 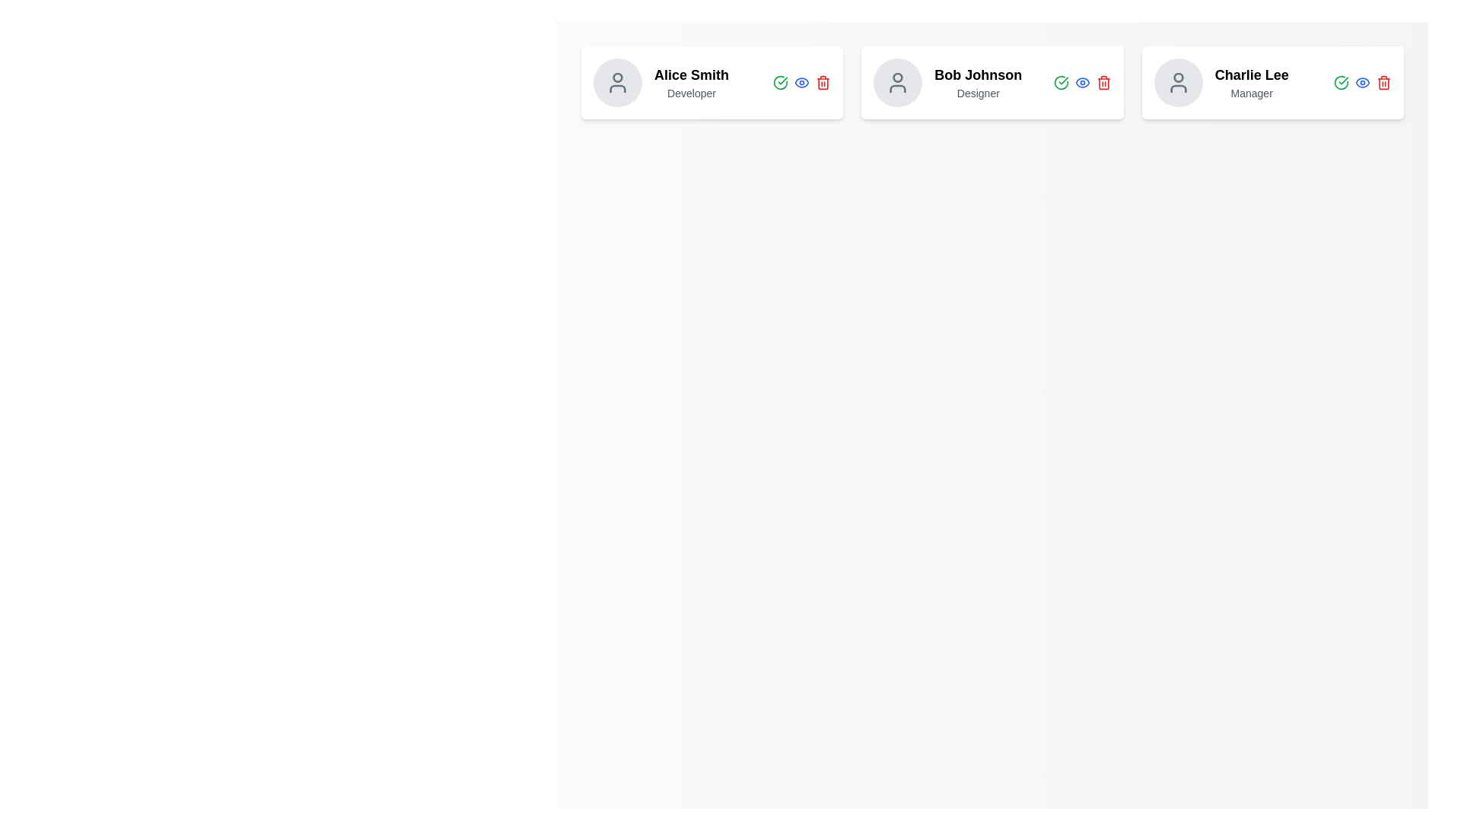 What do you see at coordinates (978, 75) in the screenshot?
I see `the prominent static text element displaying 'Bob Johnson', which is styled in bold and larger font, positioned above the descriptive text 'Designer'` at bounding box center [978, 75].